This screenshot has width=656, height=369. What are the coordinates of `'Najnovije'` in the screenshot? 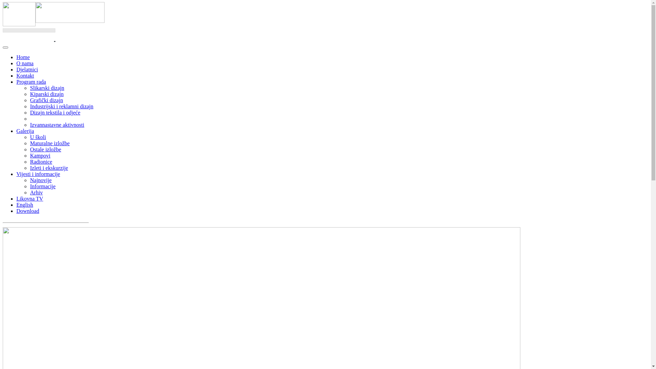 It's located at (40, 180).